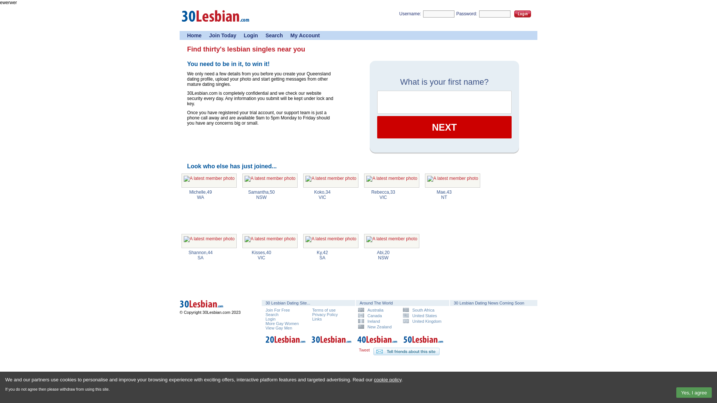  What do you see at coordinates (422, 315) in the screenshot?
I see `'United States'` at bounding box center [422, 315].